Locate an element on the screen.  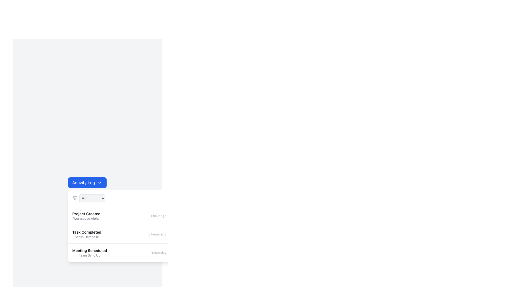
the activity log entry that summarizes the completed task of setting up a database, positioned between 'Project Created' and 'Meeting Scheduled' is located at coordinates (87, 234).